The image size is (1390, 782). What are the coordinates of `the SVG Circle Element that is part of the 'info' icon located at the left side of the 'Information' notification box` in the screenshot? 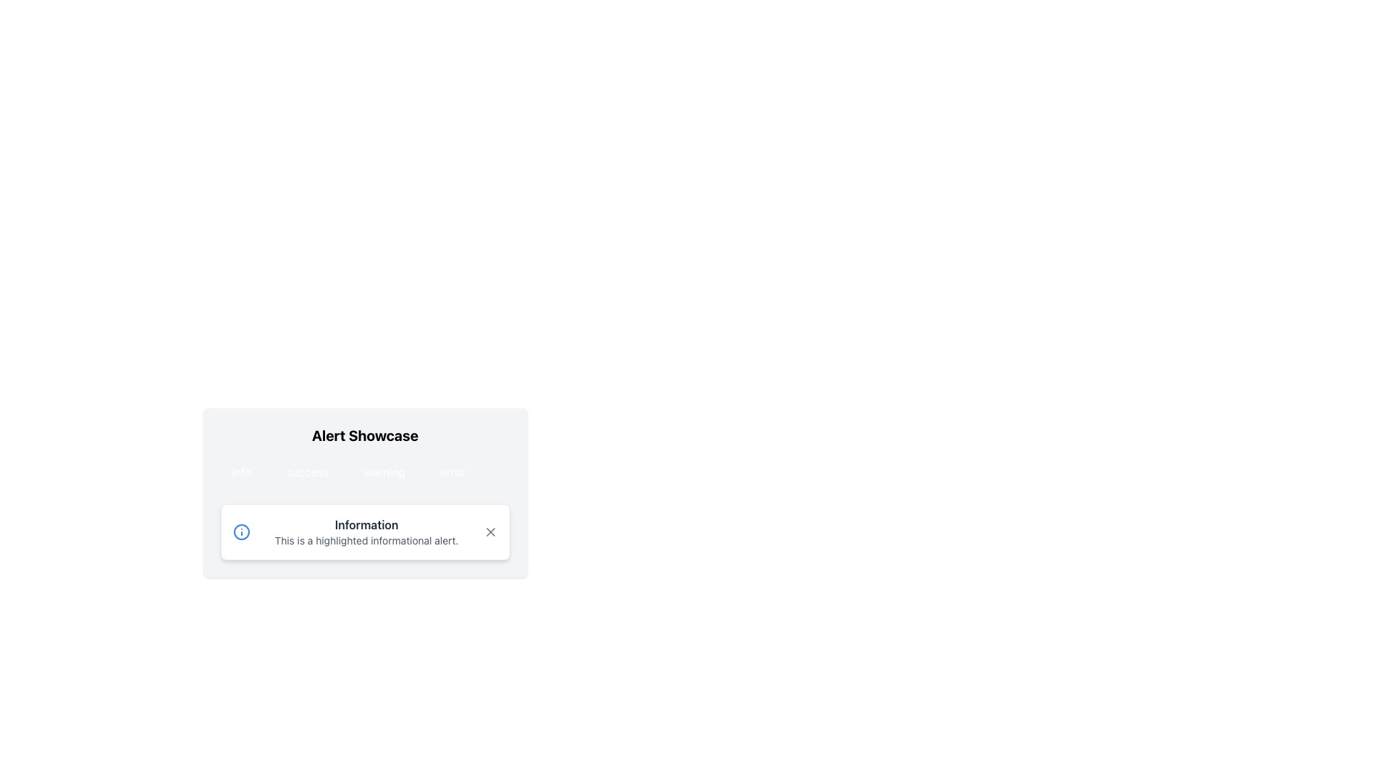 It's located at (241, 532).